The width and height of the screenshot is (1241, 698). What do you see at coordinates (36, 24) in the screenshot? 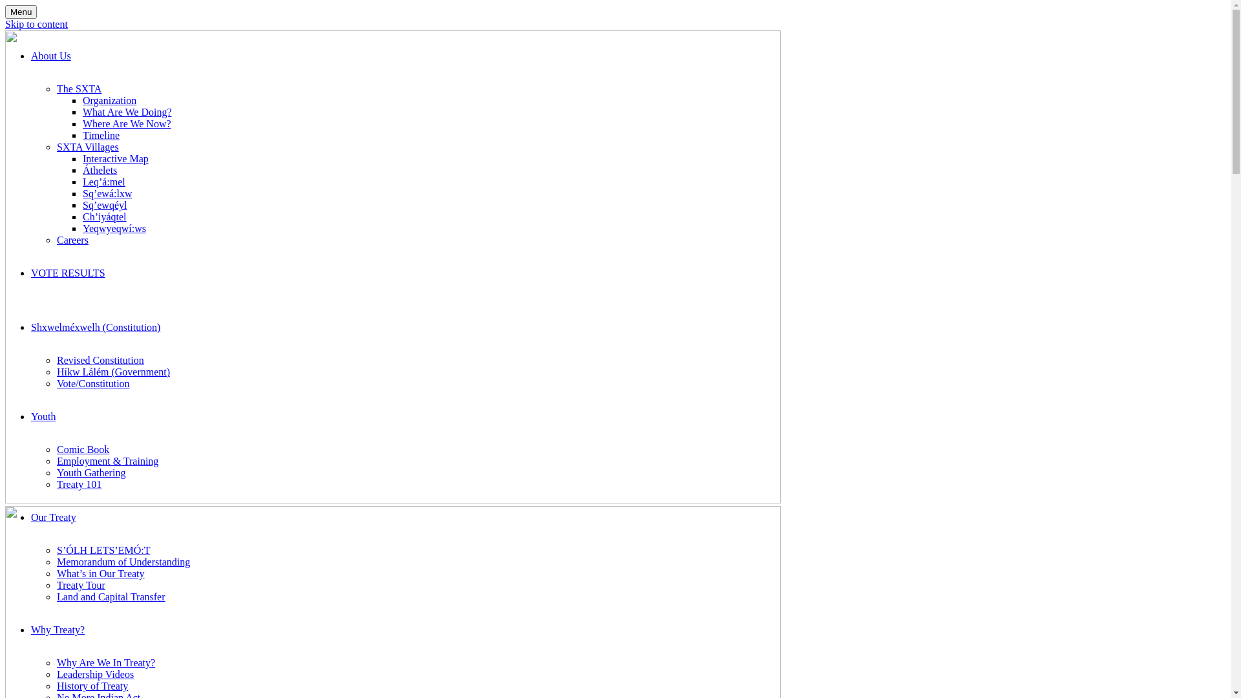
I see `'Skip to content'` at bounding box center [36, 24].